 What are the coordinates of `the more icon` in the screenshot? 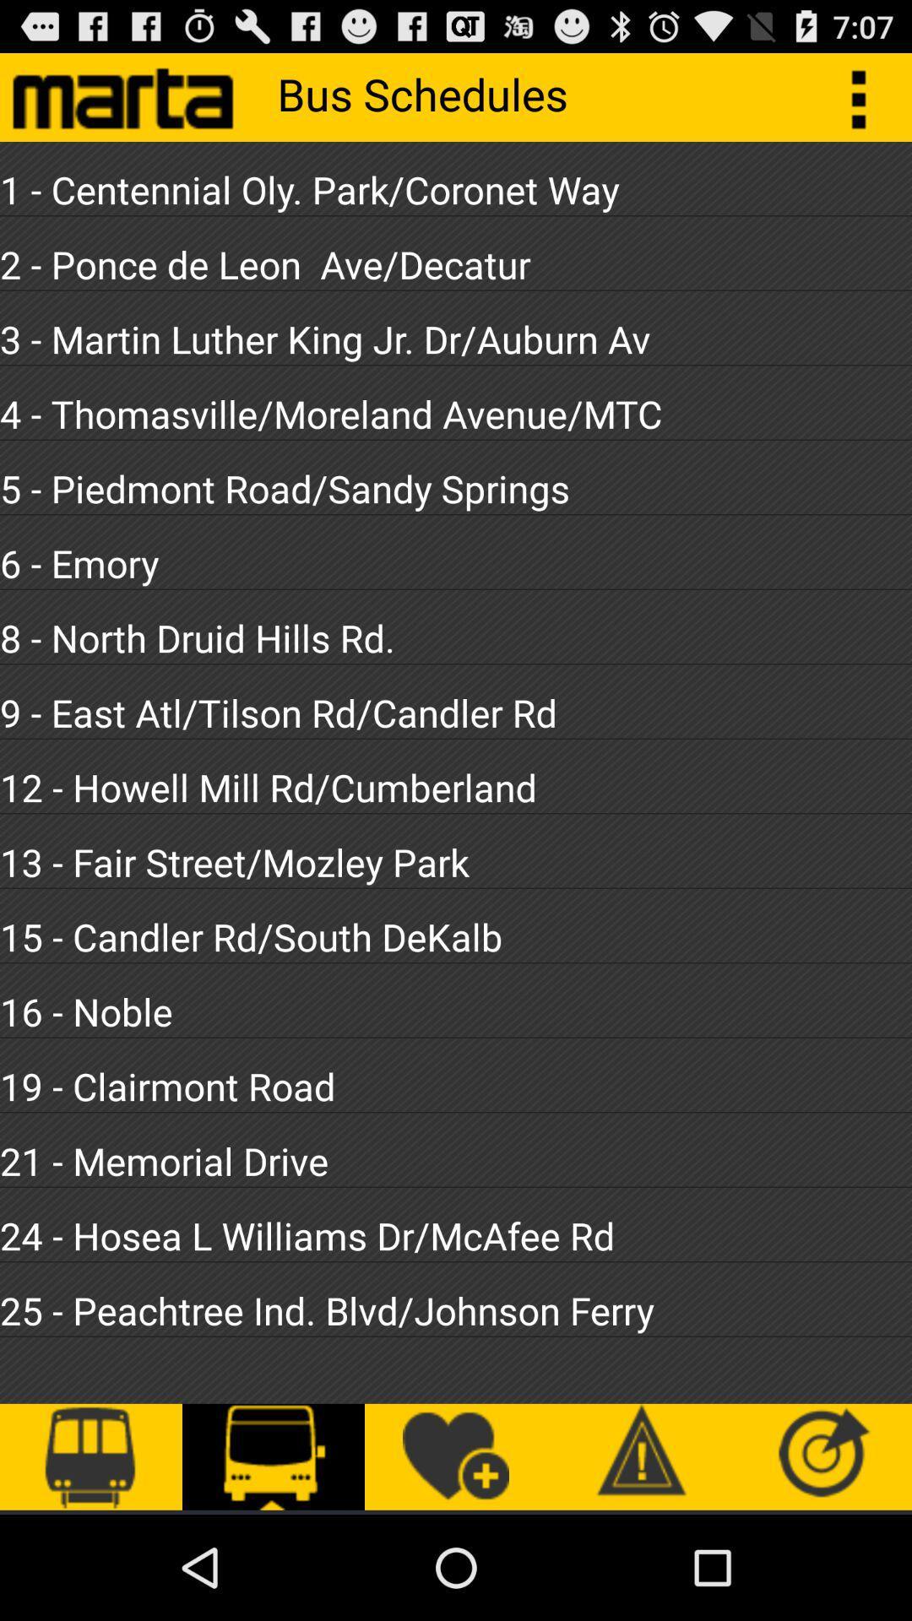 It's located at (867, 103).